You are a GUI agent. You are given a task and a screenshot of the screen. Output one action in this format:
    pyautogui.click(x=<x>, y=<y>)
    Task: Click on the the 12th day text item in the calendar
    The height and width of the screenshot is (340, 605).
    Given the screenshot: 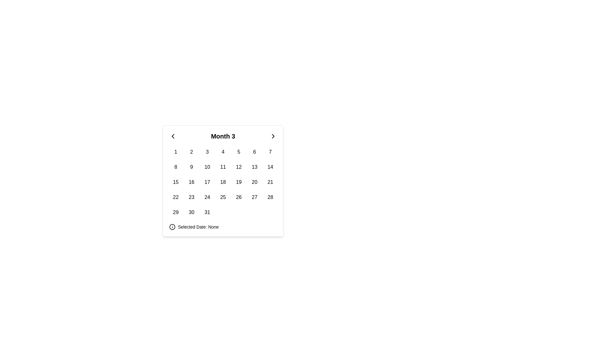 What is the action you would take?
    pyautogui.click(x=239, y=167)
    